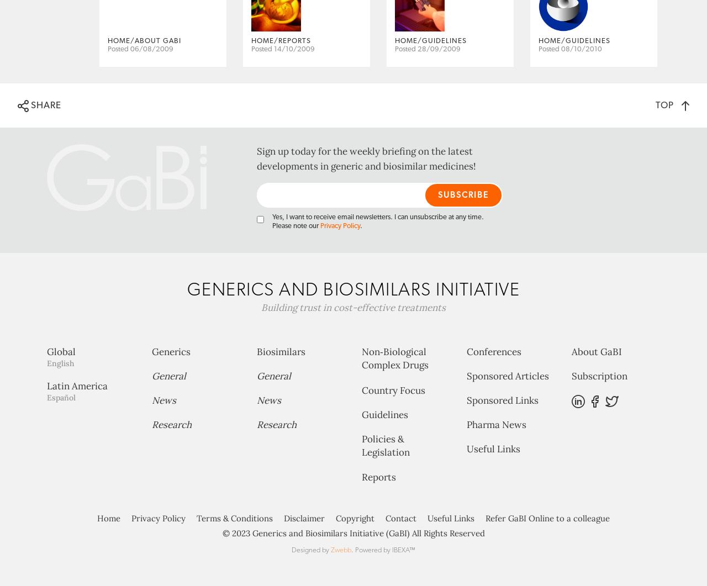 This screenshot has width=707, height=586. Describe the element at coordinates (400, 561) in the screenshot. I see `'Contact'` at that location.